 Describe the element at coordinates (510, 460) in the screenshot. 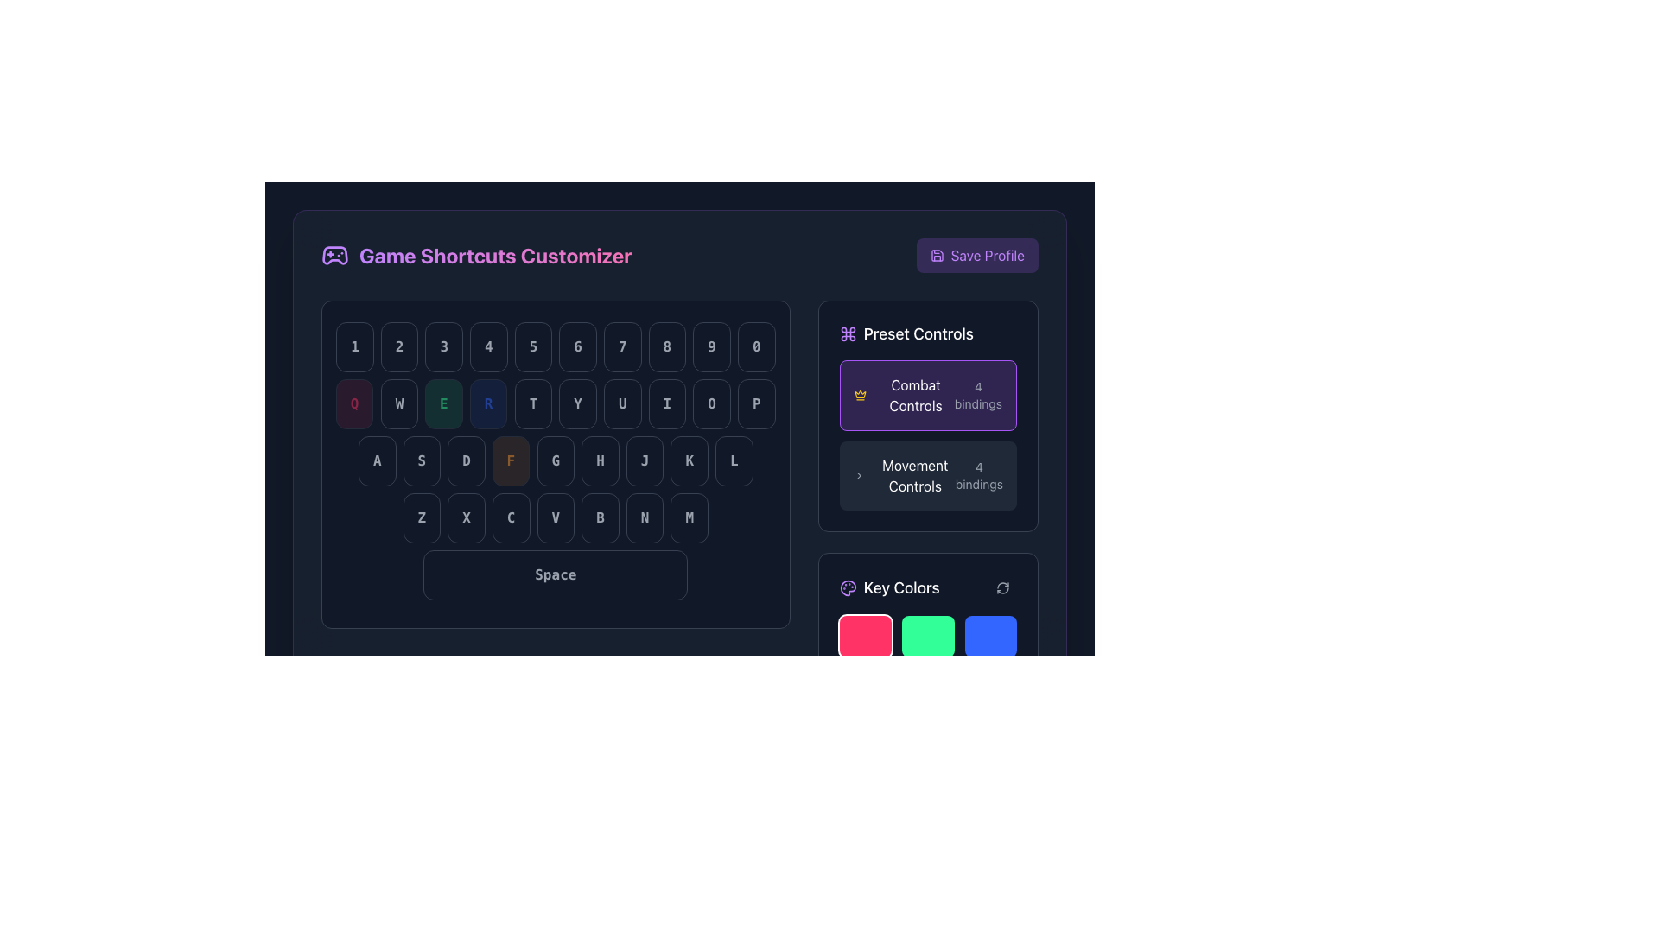

I see `the 'F' key button in the virtual keyboard interface` at that location.